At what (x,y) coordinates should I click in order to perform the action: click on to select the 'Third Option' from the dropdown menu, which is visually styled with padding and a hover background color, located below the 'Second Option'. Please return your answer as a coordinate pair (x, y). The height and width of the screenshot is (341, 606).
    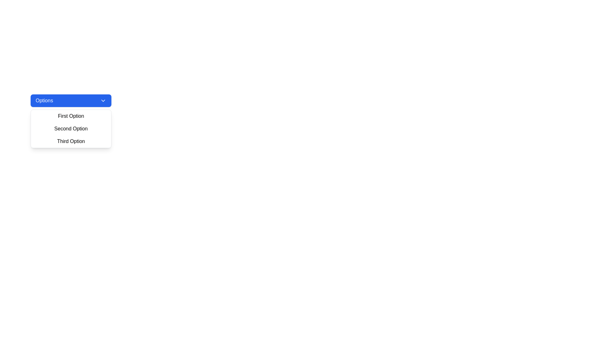
    Looking at the image, I should click on (71, 141).